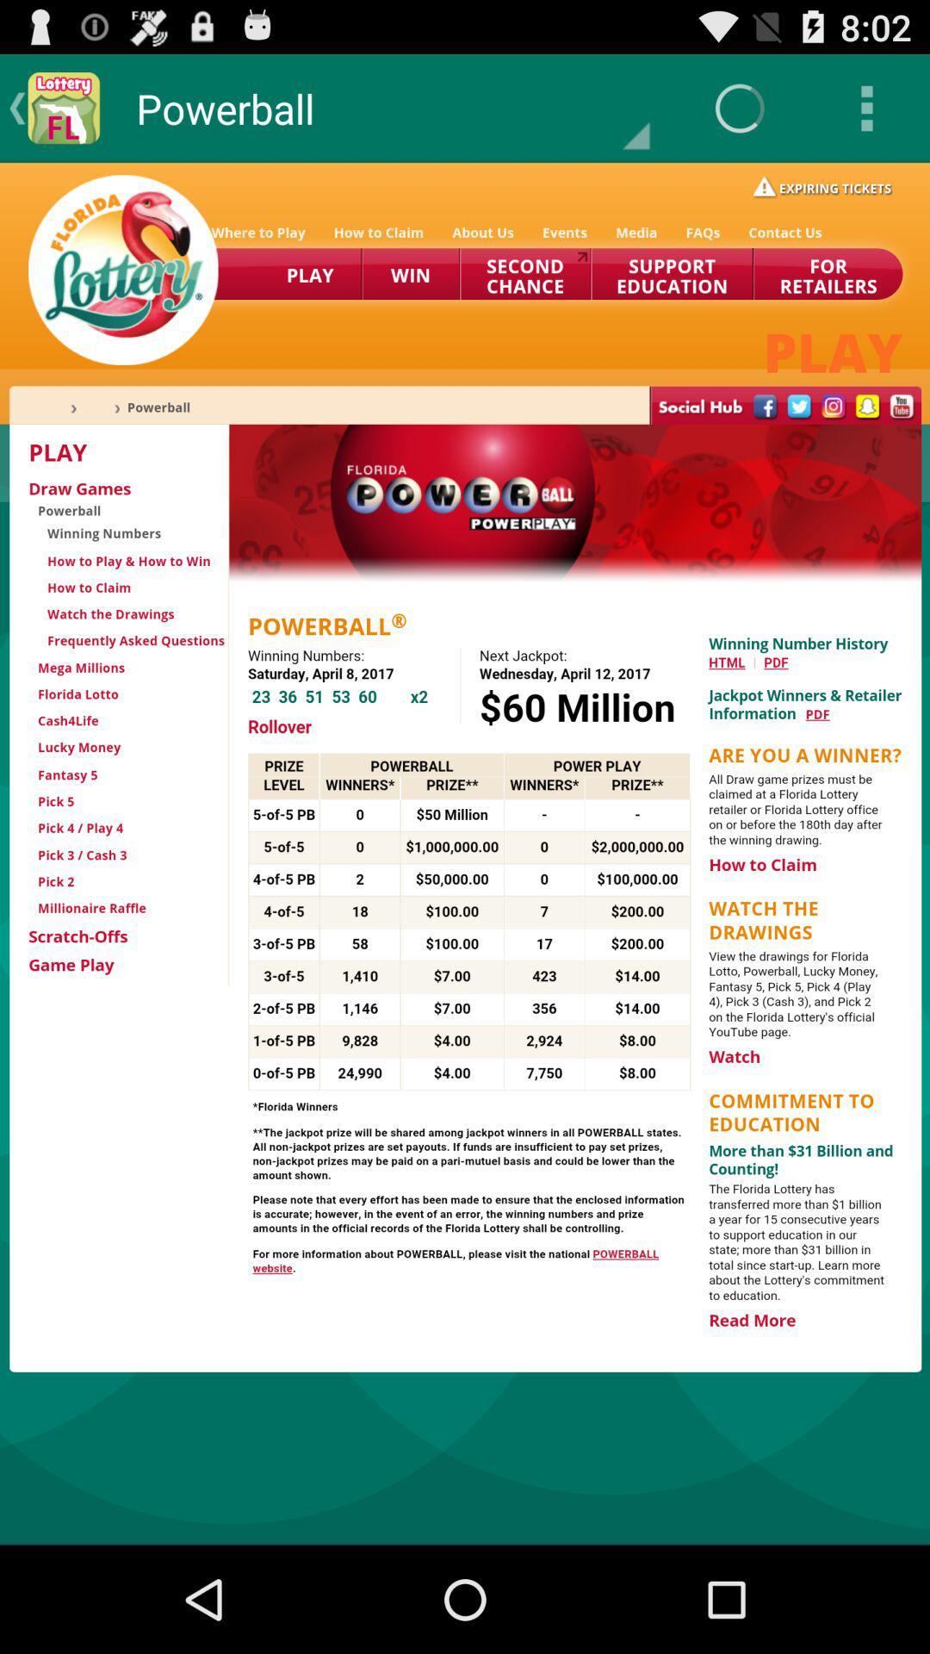 The height and width of the screenshot is (1654, 930). What do you see at coordinates (465, 853) in the screenshot?
I see `image` at bounding box center [465, 853].